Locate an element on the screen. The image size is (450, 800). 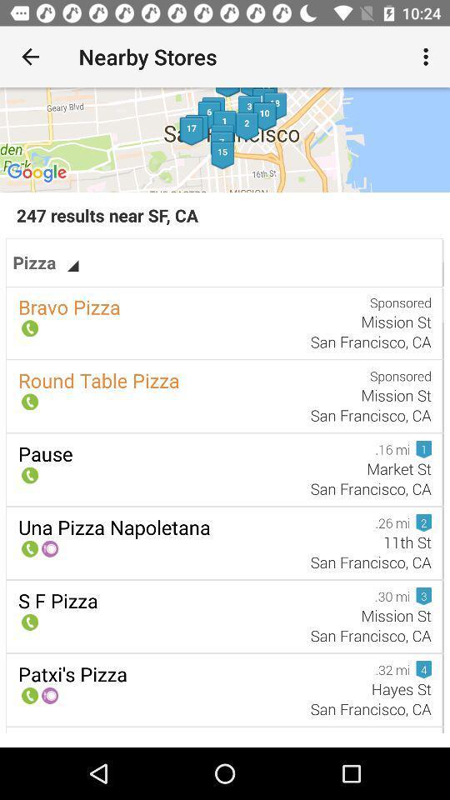
the icon which is above the text sf pizza is located at coordinates (27, 621).